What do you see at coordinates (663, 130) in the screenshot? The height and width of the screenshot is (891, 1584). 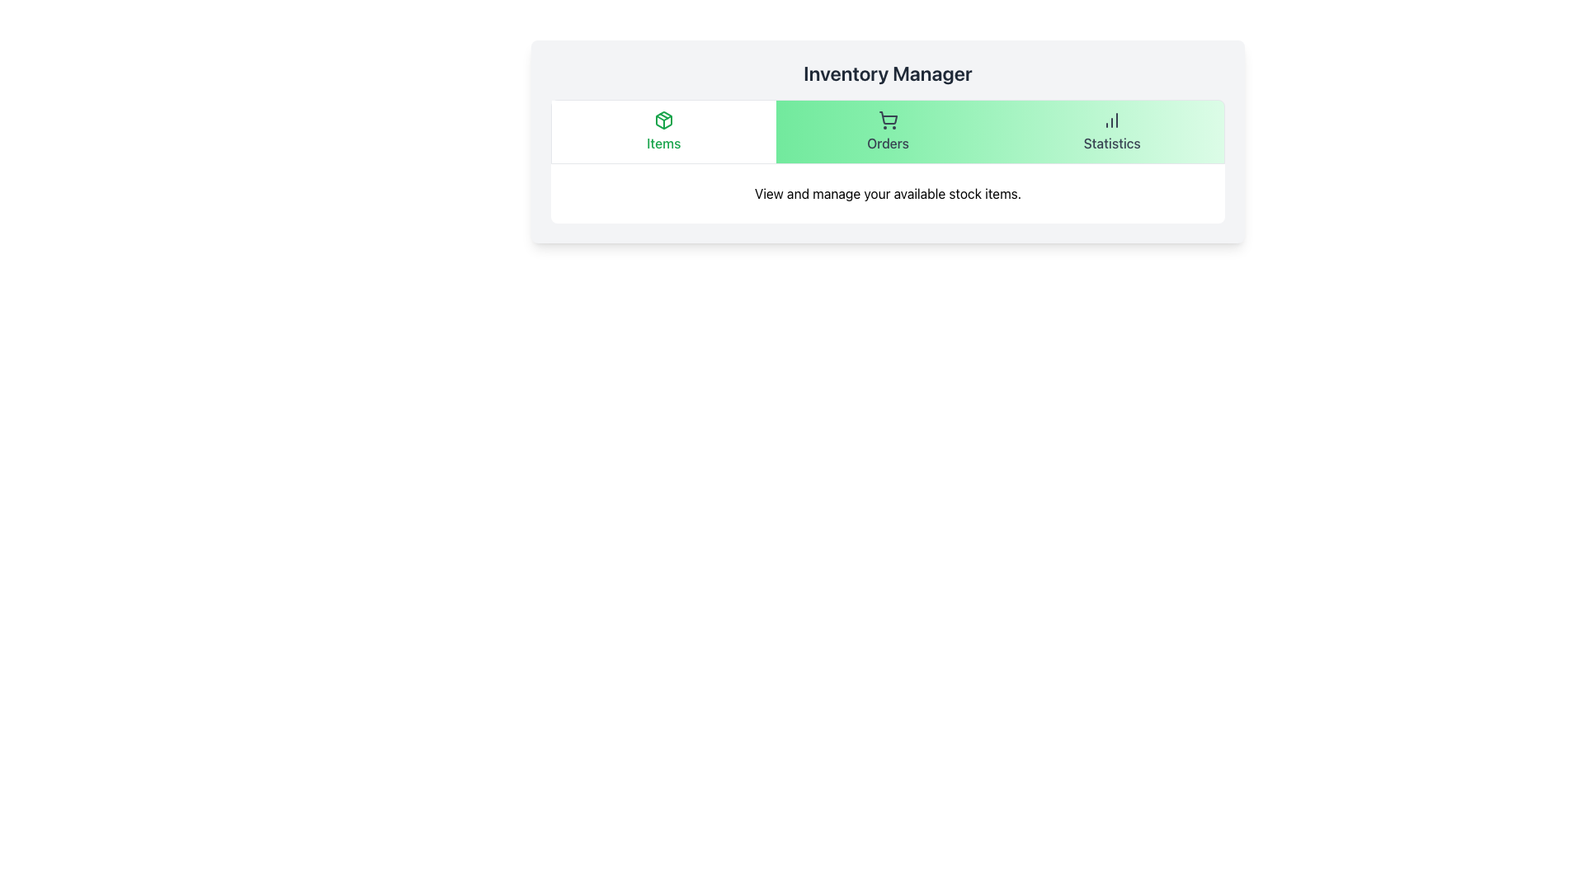 I see `the 'Items' navigation button located in the leftmost section of the navigation bar under 'Inventory Manager'` at bounding box center [663, 130].